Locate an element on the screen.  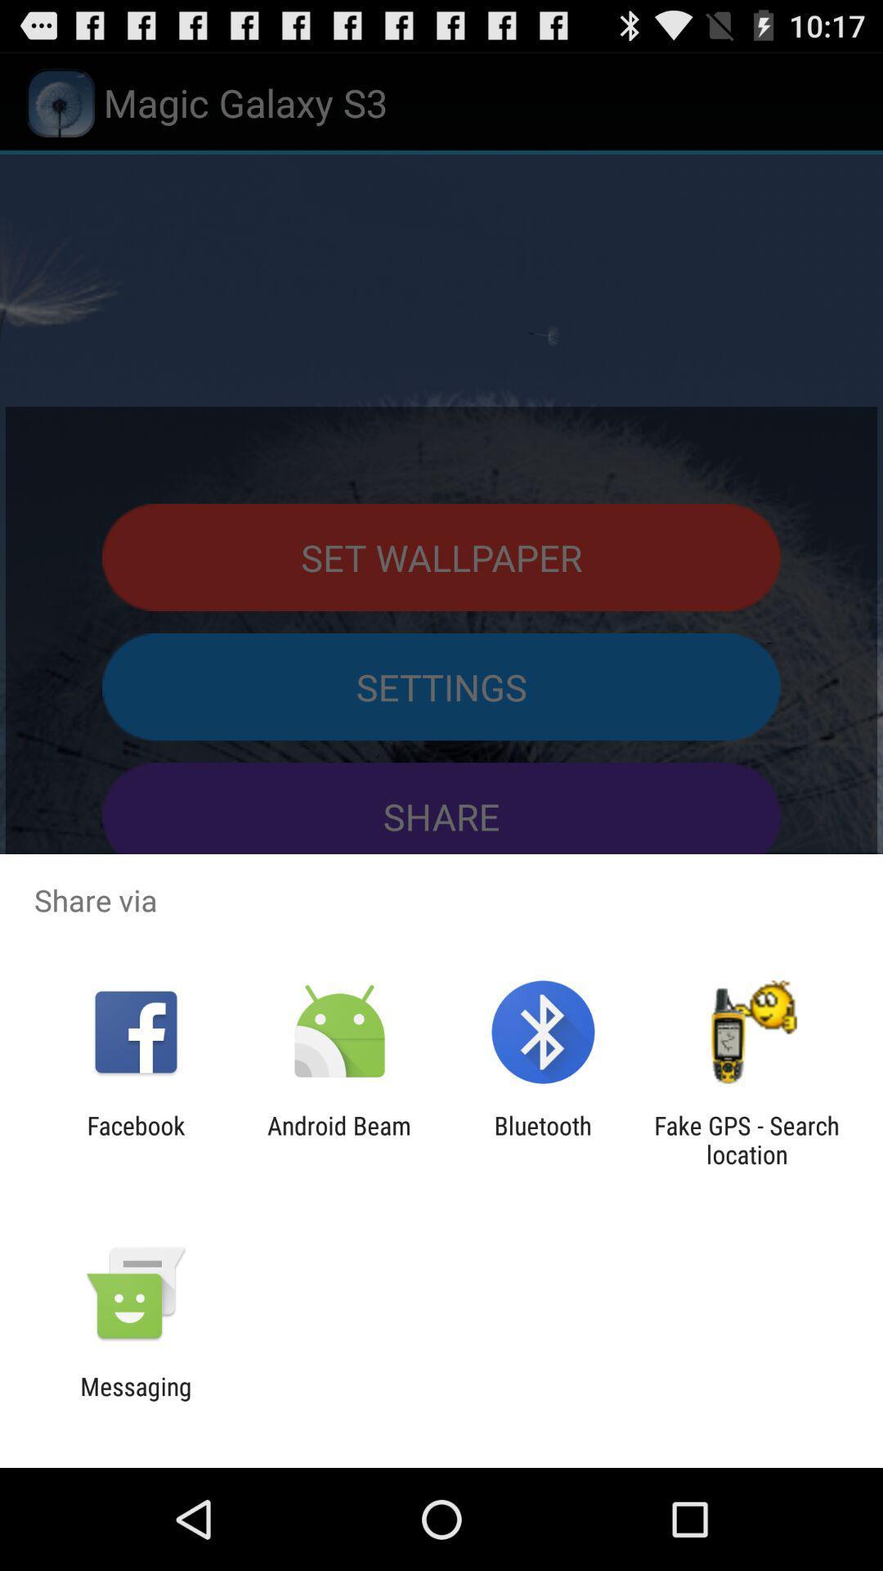
the item to the right of the facebook app is located at coordinates (338, 1139).